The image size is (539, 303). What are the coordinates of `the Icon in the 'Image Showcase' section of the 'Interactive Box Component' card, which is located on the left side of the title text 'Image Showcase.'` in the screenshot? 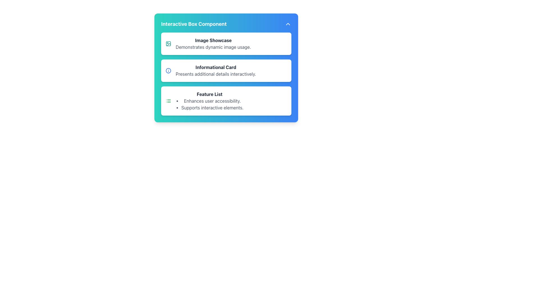 It's located at (168, 43).